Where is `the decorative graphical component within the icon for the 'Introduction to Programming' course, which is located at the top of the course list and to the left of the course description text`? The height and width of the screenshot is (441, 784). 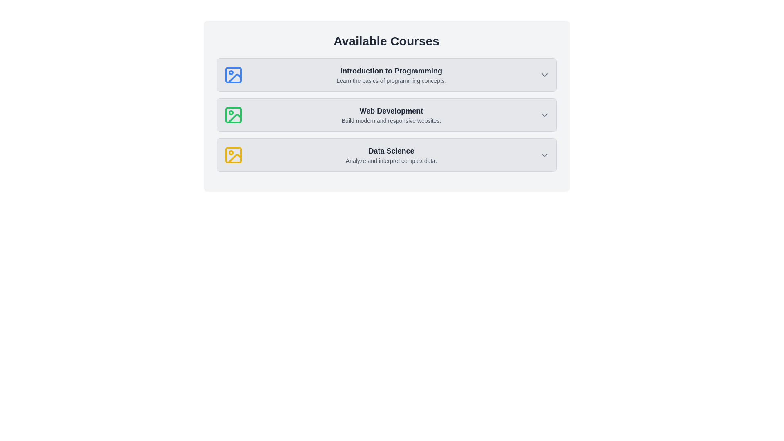
the decorative graphical component within the icon for the 'Introduction to Programming' course, which is located at the top of the course list and to the left of the course description text is located at coordinates (233, 75).